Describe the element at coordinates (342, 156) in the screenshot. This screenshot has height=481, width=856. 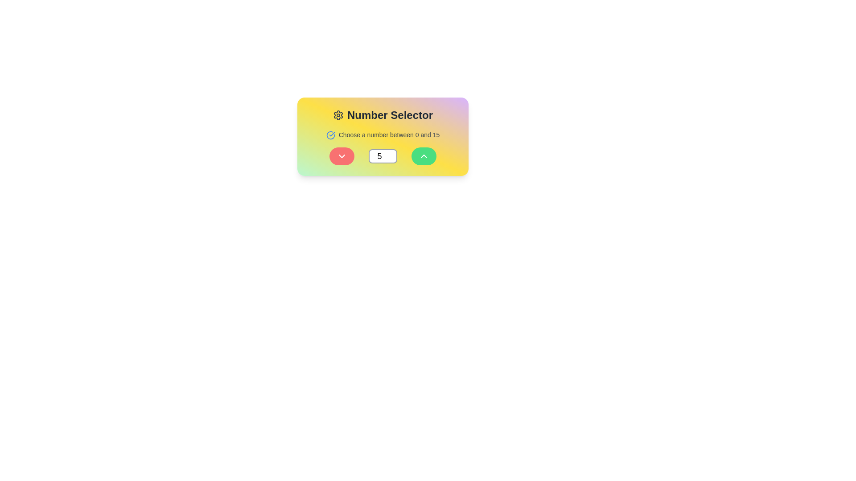
I see `the downward-facing chevron icon located within the red circular button on the left side of the interactive card` at that location.